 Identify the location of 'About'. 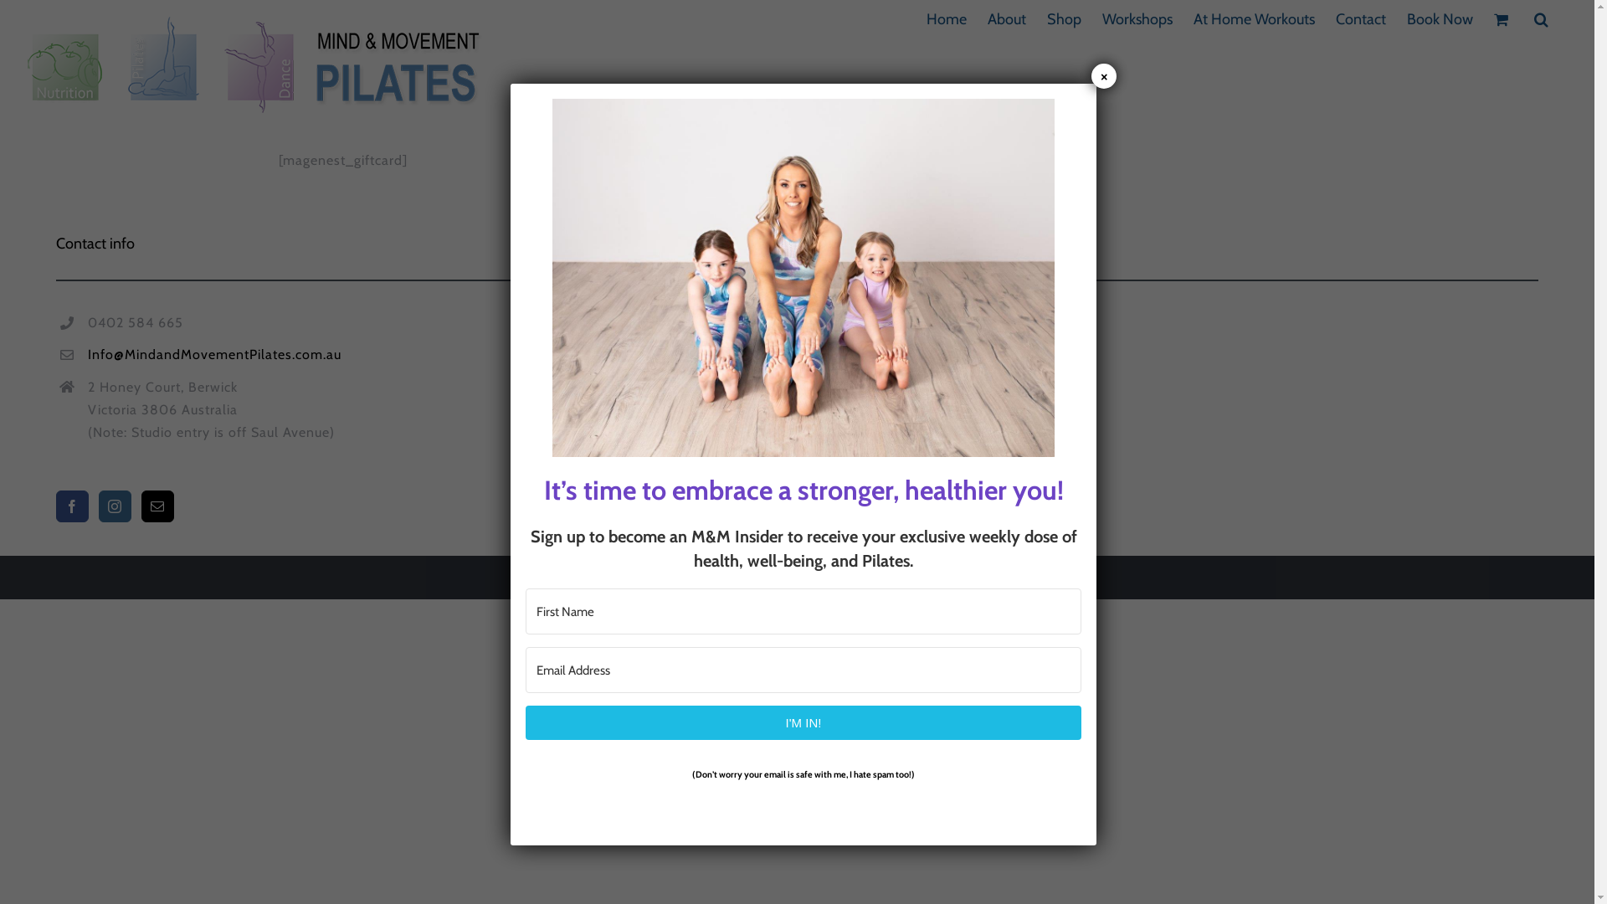
(1006, 18).